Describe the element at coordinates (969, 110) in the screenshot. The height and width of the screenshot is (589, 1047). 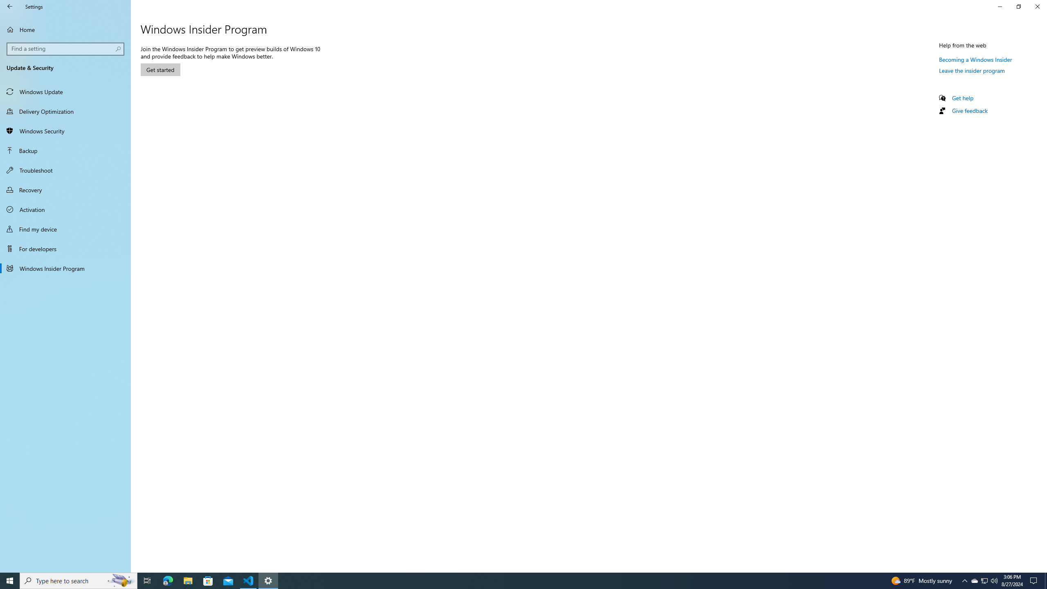
I see `'Give feedback'` at that location.